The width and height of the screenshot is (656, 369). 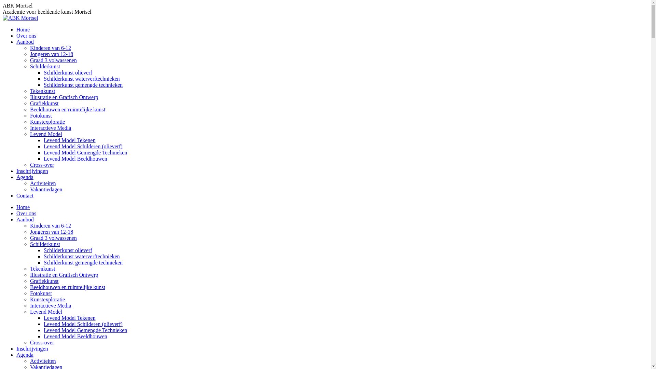 I want to click on 'Activiteiten', so click(x=42, y=360).